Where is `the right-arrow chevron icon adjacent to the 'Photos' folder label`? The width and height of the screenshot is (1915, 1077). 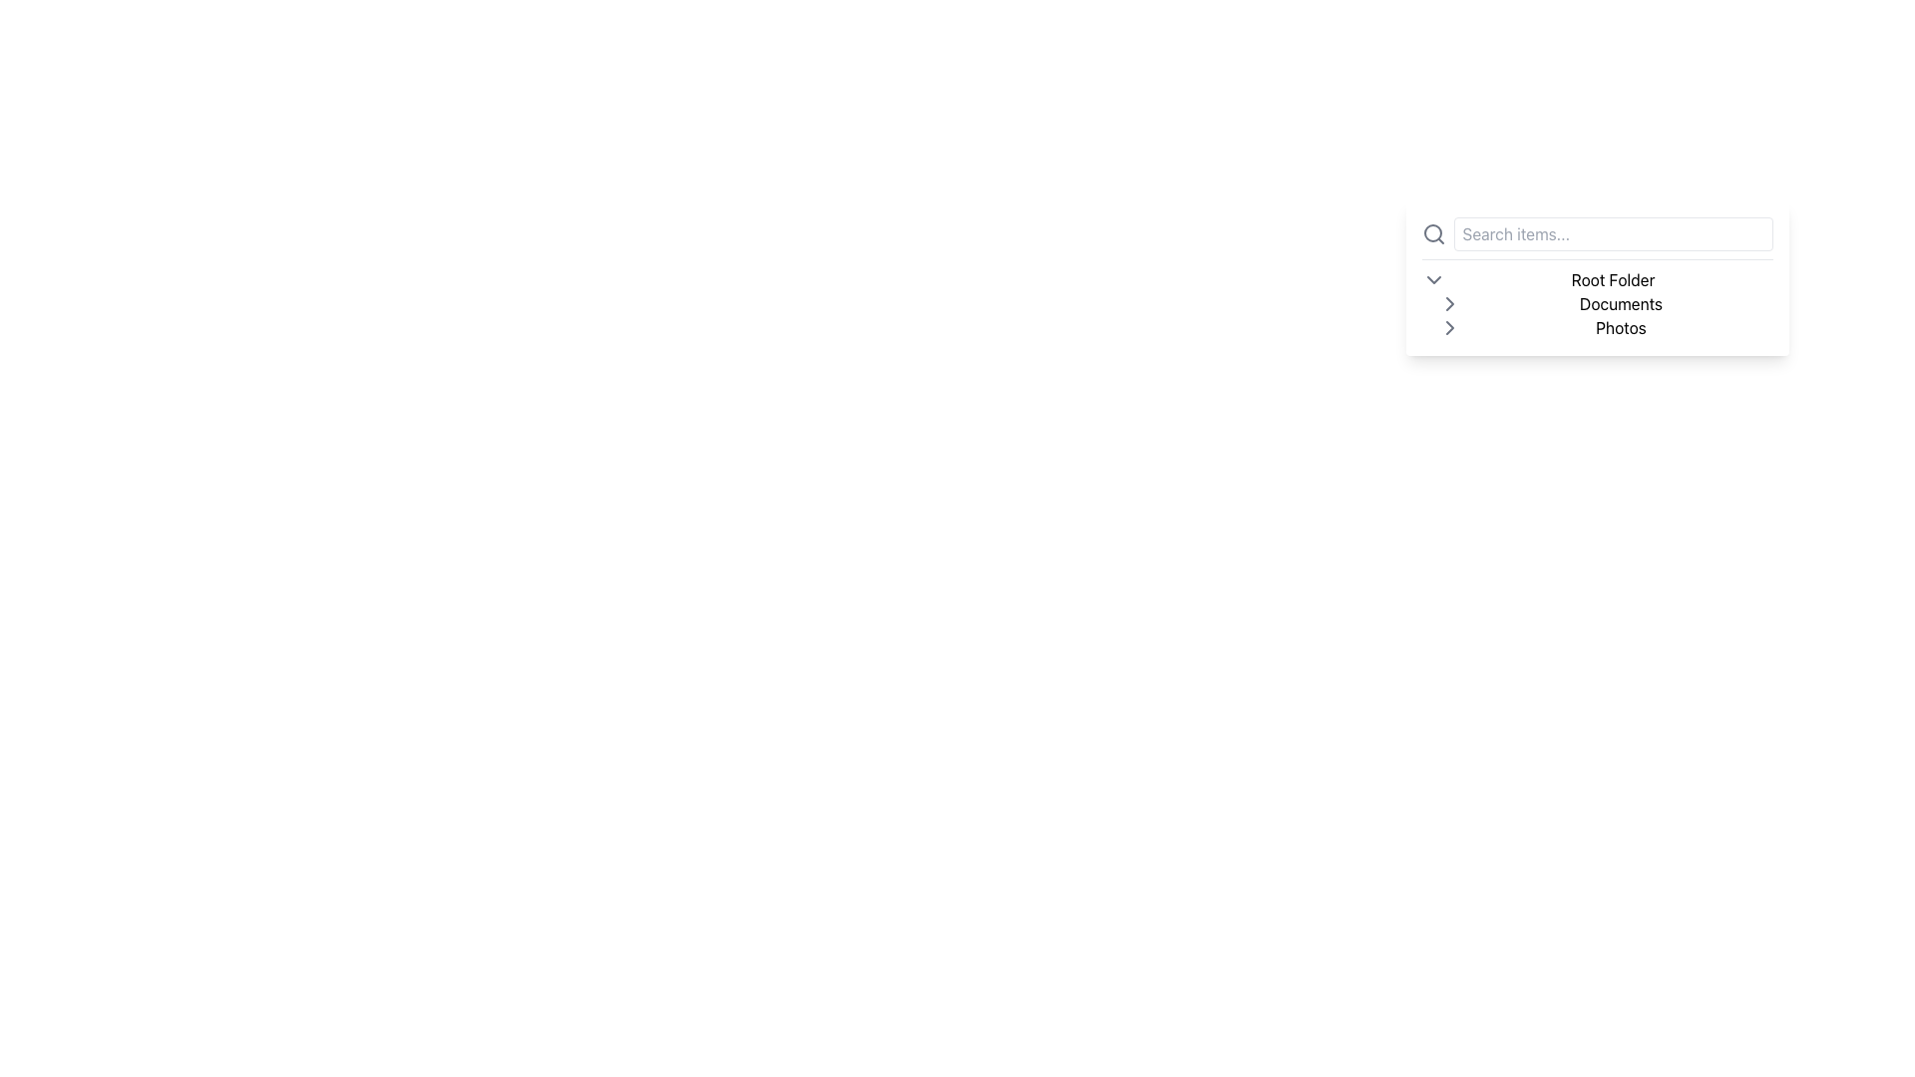
the right-arrow chevron icon adjacent to the 'Photos' folder label is located at coordinates (1449, 303).